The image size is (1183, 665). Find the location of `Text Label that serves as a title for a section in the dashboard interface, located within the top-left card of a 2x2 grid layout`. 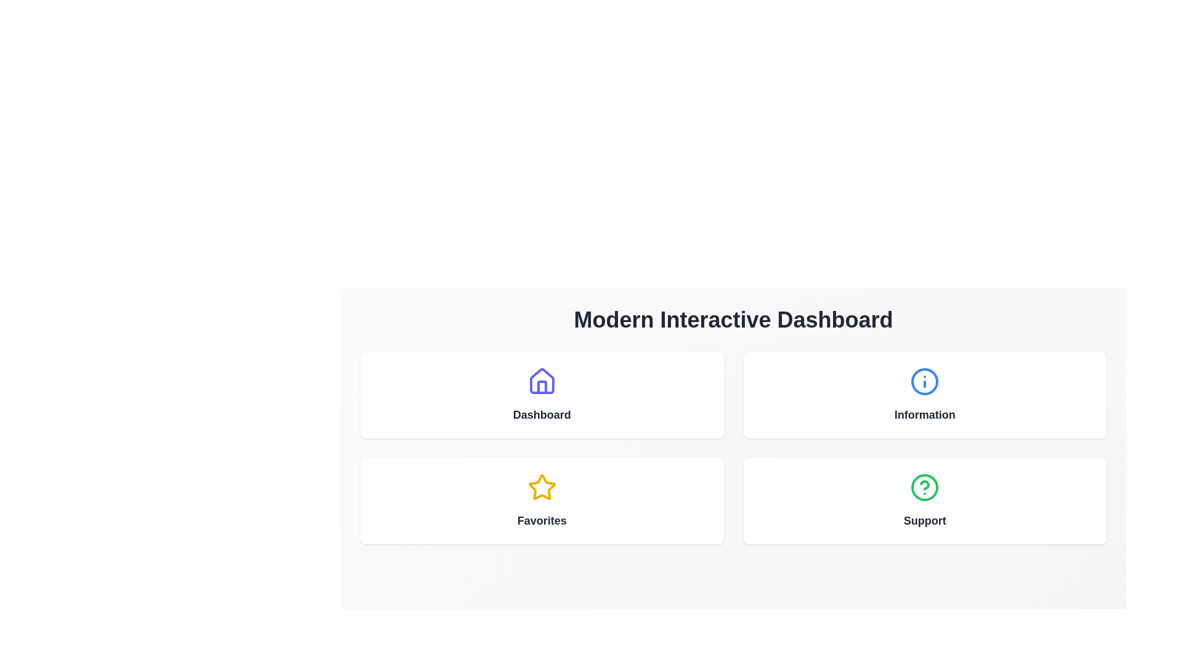

Text Label that serves as a title for a section in the dashboard interface, located within the top-left card of a 2x2 grid layout is located at coordinates (542, 415).